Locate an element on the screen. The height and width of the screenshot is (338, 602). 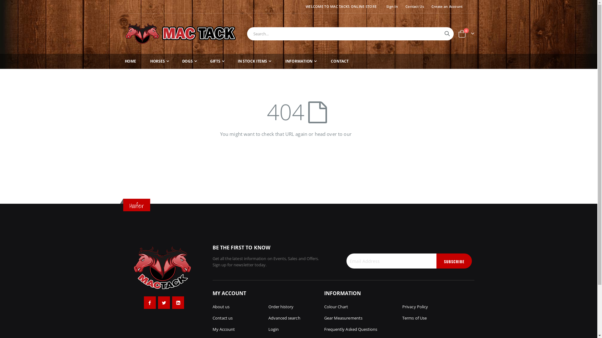
'CONTACT' is located at coordinates (339, 61).